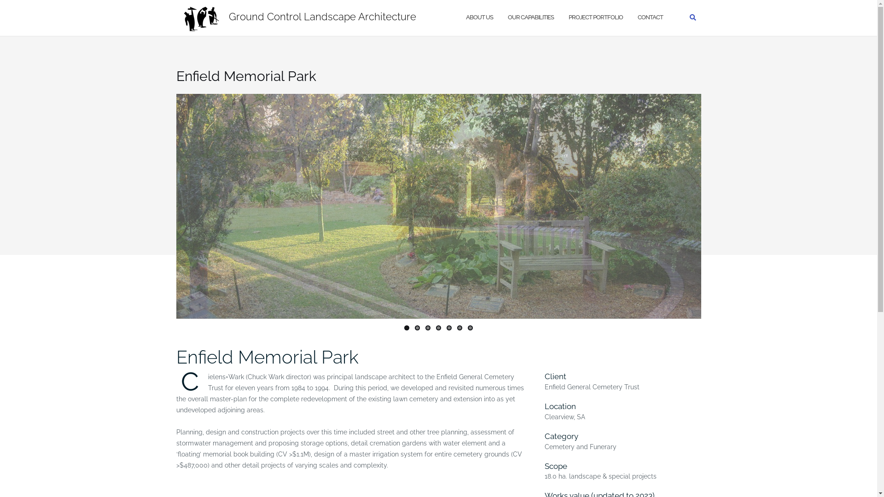  What do you see at coordinates (649, 17) in the screenshot?
I see `'CONTACT'` at bounding box center [649, 17].